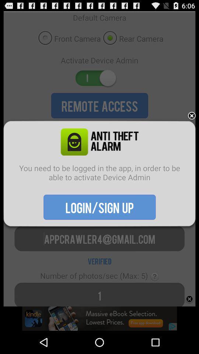 Image resolution: width=199 pixels, height=354 pixels. Describe the element at coordinates (192, 116) in the screenshot. I see `this window` at that location.